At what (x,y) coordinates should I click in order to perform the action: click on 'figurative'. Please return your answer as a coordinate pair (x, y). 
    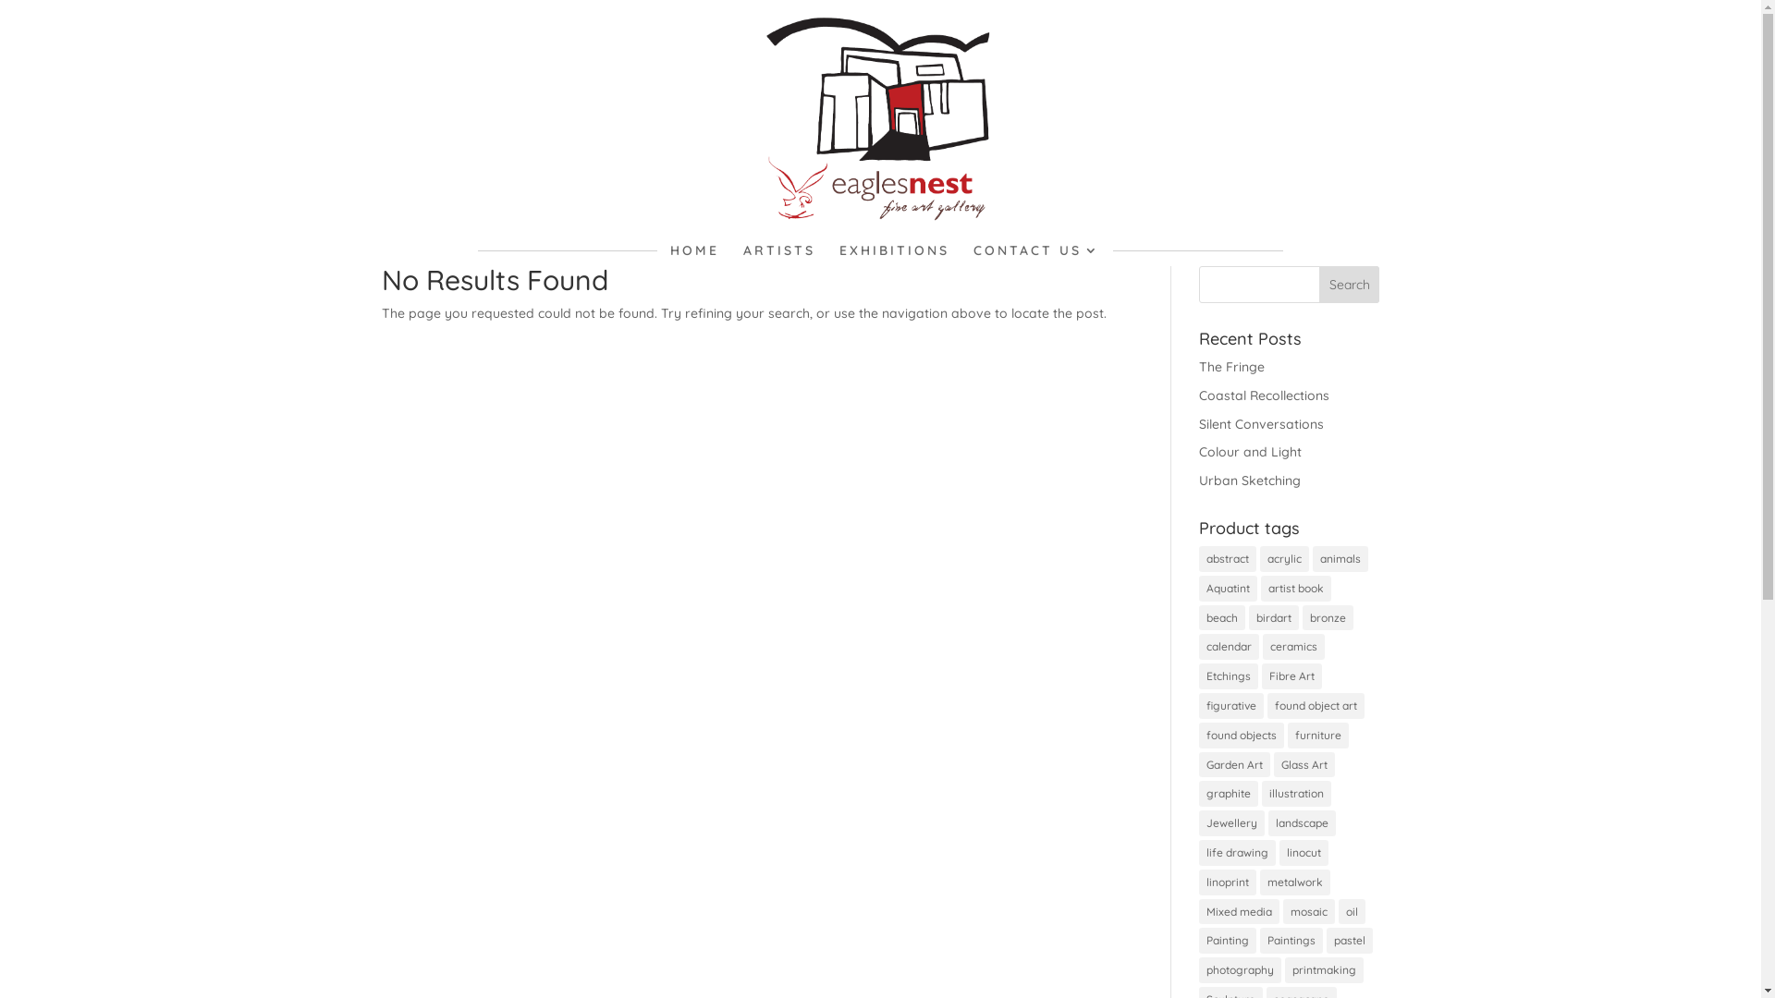
    Looking at the image, I should click on (1231, 705).